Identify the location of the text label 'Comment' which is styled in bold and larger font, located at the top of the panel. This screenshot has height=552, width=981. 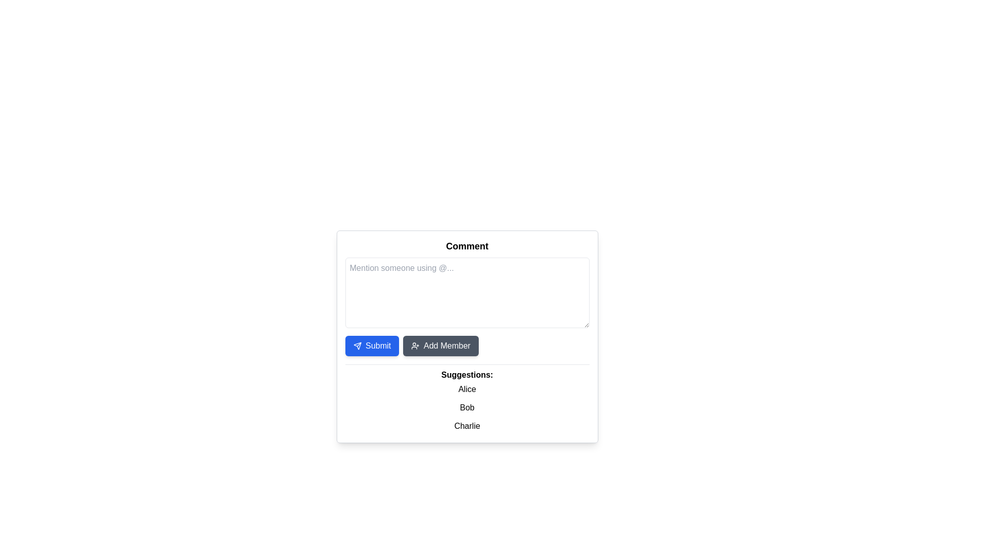
(466, 246).